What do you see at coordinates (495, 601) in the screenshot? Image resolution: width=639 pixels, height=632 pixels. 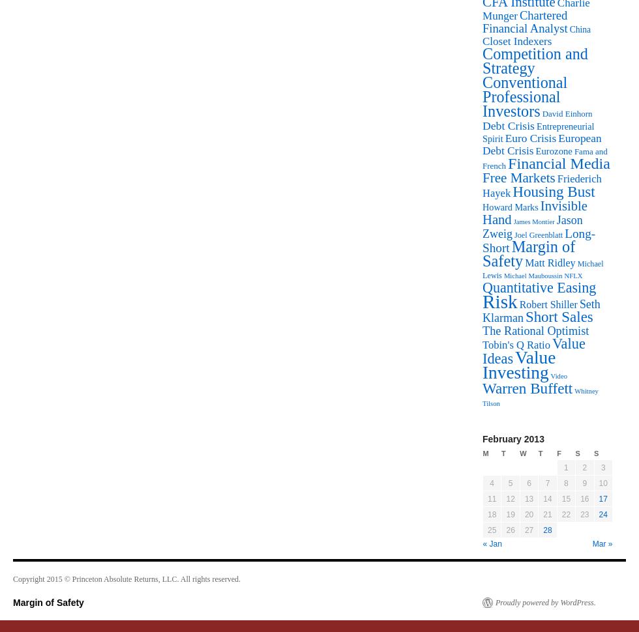 I see `'Proudly powered by WordPress.'` at bounding box center [495, 601].